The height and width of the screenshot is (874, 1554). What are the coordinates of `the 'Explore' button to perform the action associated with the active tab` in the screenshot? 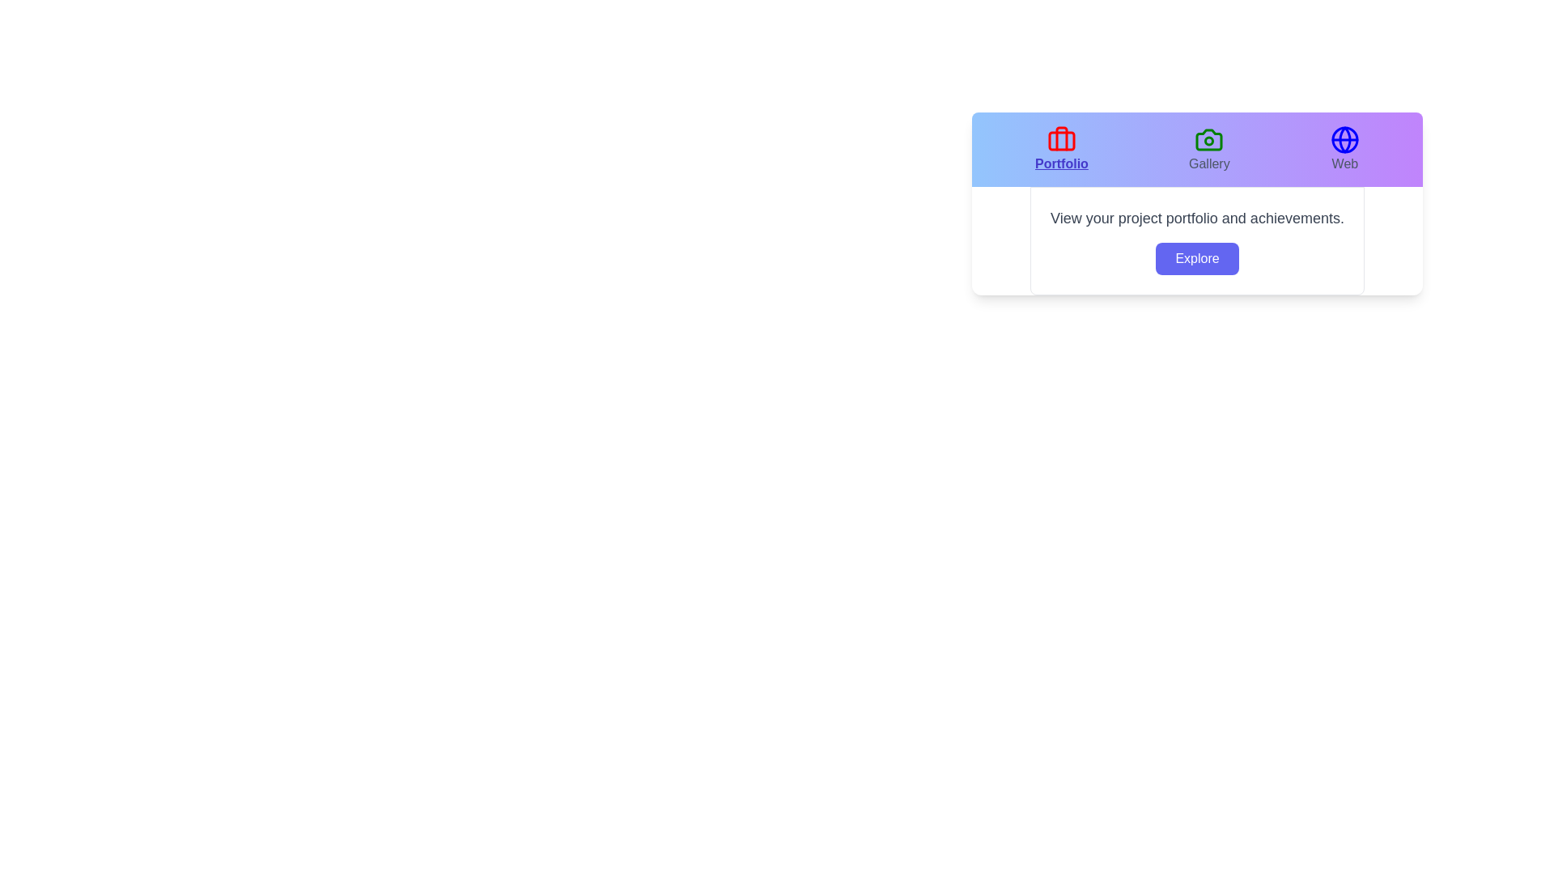 It's located at (1197, 258).